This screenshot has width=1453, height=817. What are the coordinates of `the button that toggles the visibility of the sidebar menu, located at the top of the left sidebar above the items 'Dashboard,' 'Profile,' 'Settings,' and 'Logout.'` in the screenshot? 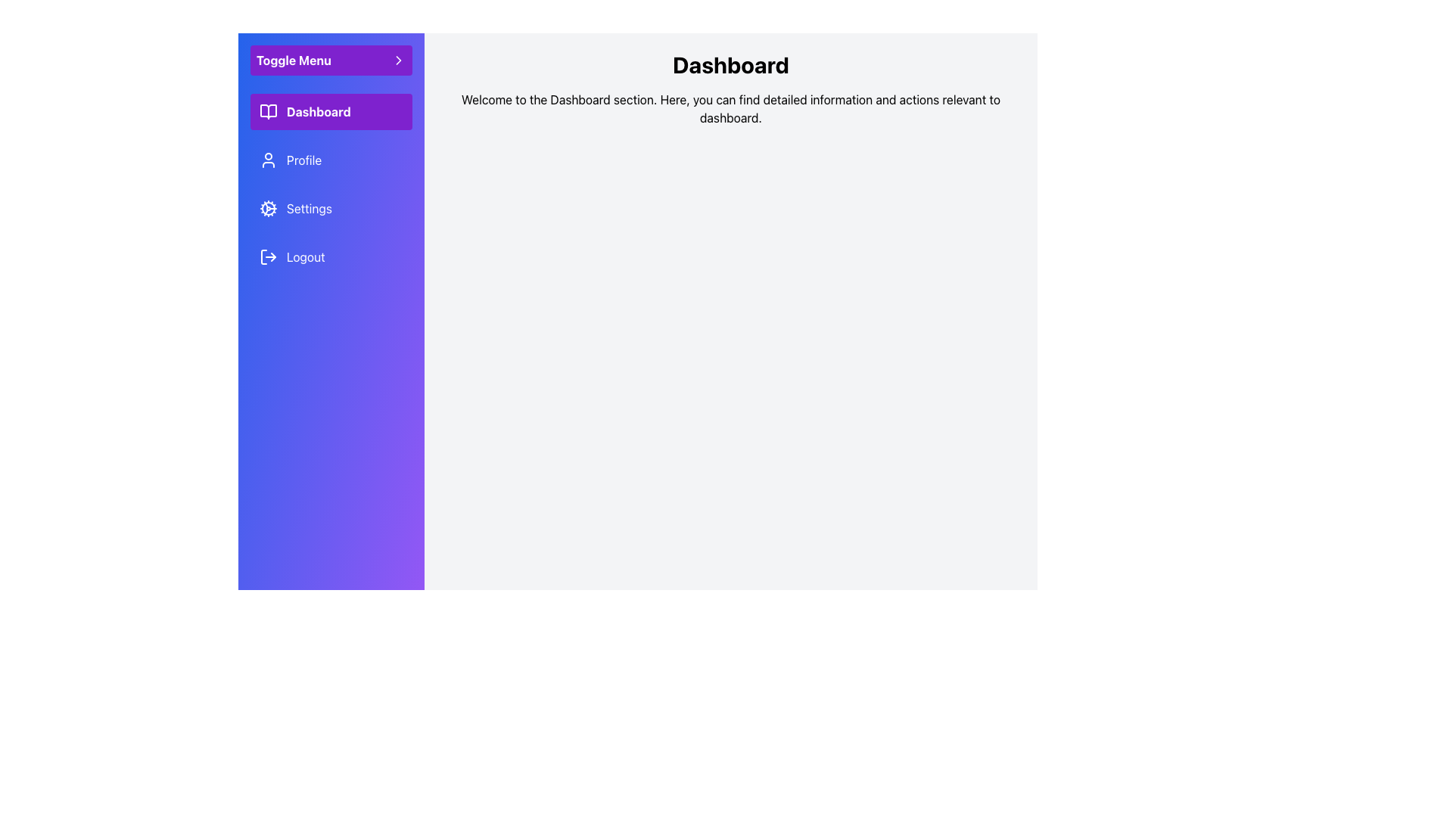 It's located at (330, 60).